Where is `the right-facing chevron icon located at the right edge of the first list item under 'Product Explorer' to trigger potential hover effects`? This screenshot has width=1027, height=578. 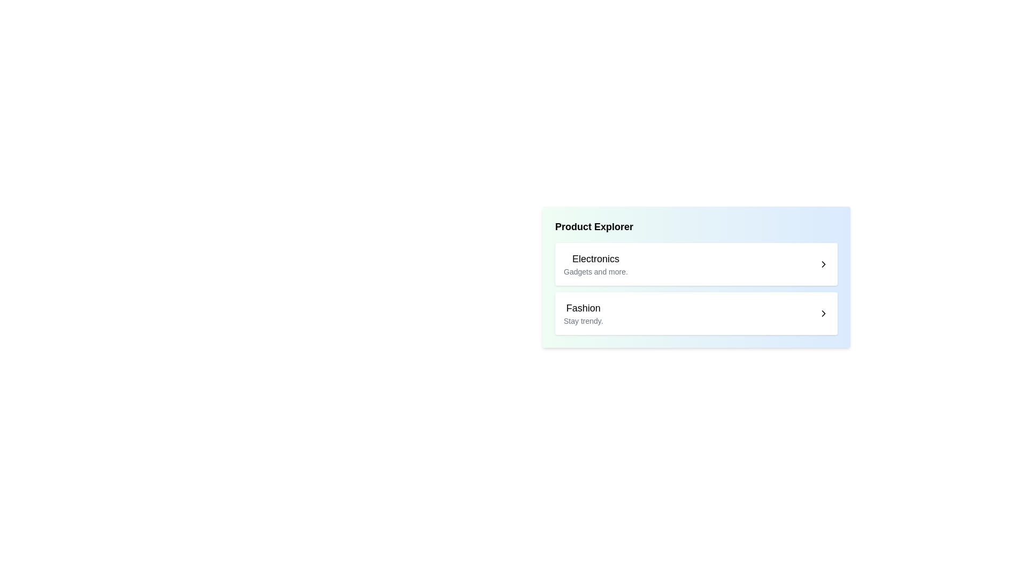 the right-facing chevron icon located at the right edge of the first list item under 'Product Explorer' to trigger potential hover effects is located at coordinates (823, 264).